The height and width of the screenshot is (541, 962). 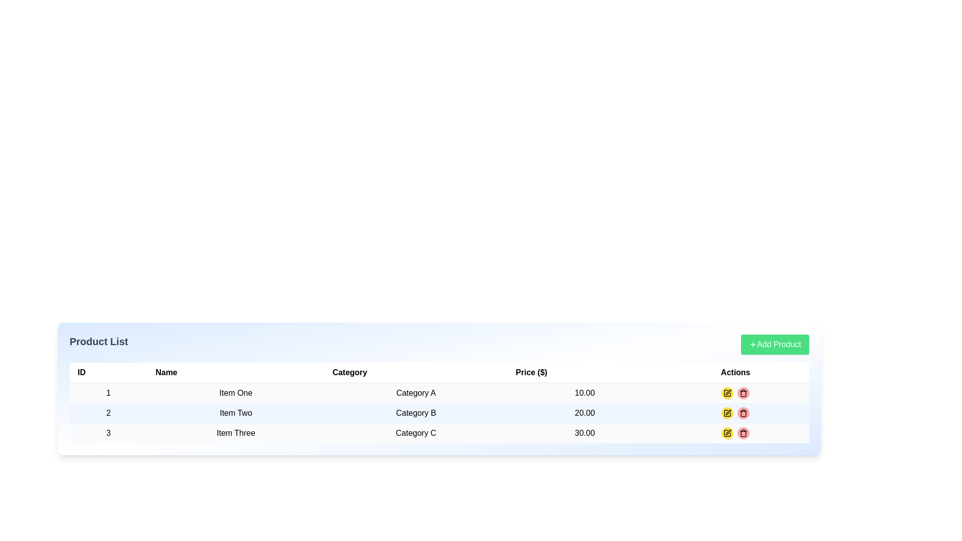 What do you see at coordinates (728, 432) in the screenshot?
I see `the edit button located in the 'Actions' column of the last row in the product table` at bounding box center [728, 432].